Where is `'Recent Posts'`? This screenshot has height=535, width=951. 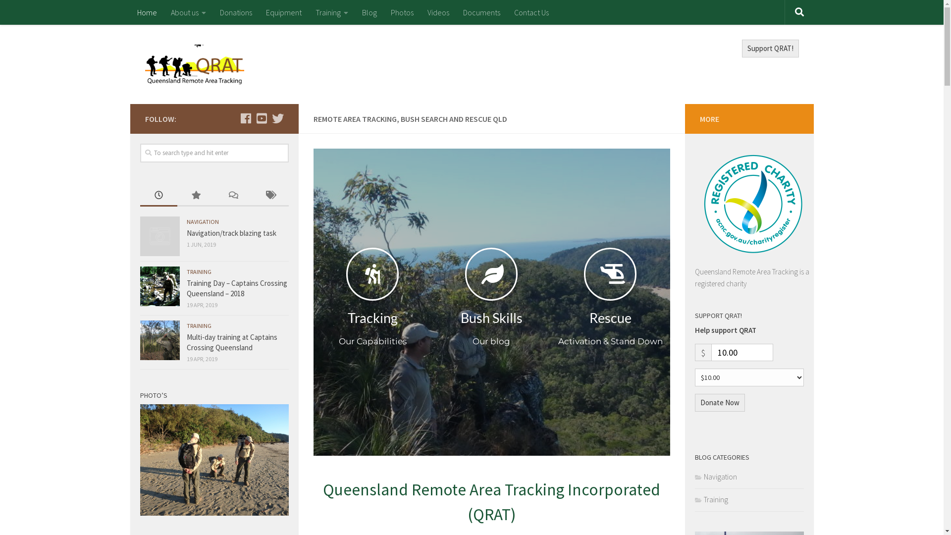 'Recent Posts' is located at coordinates (139, 196).